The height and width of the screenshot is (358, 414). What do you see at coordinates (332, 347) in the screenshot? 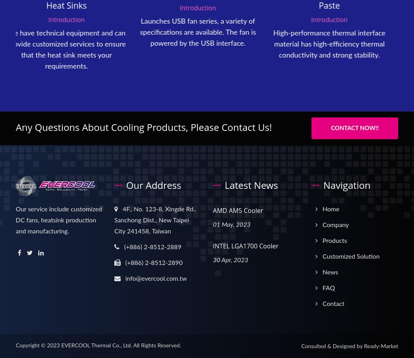
I see `'Consulted & Designed by'` at bounding box center [332, 347].